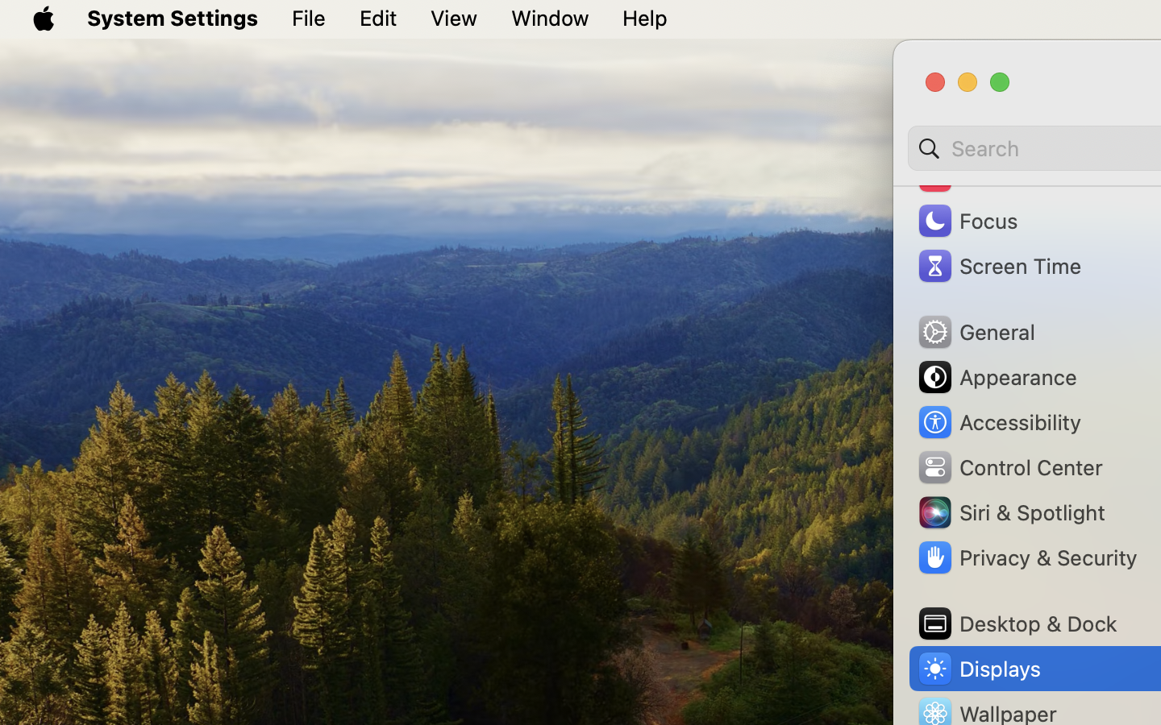 The height and width of the screenshot is (725, 1161). Describe the element at coordinates (1026, 557) in the screenshot. I see `'Privacy & Security'` at that location.